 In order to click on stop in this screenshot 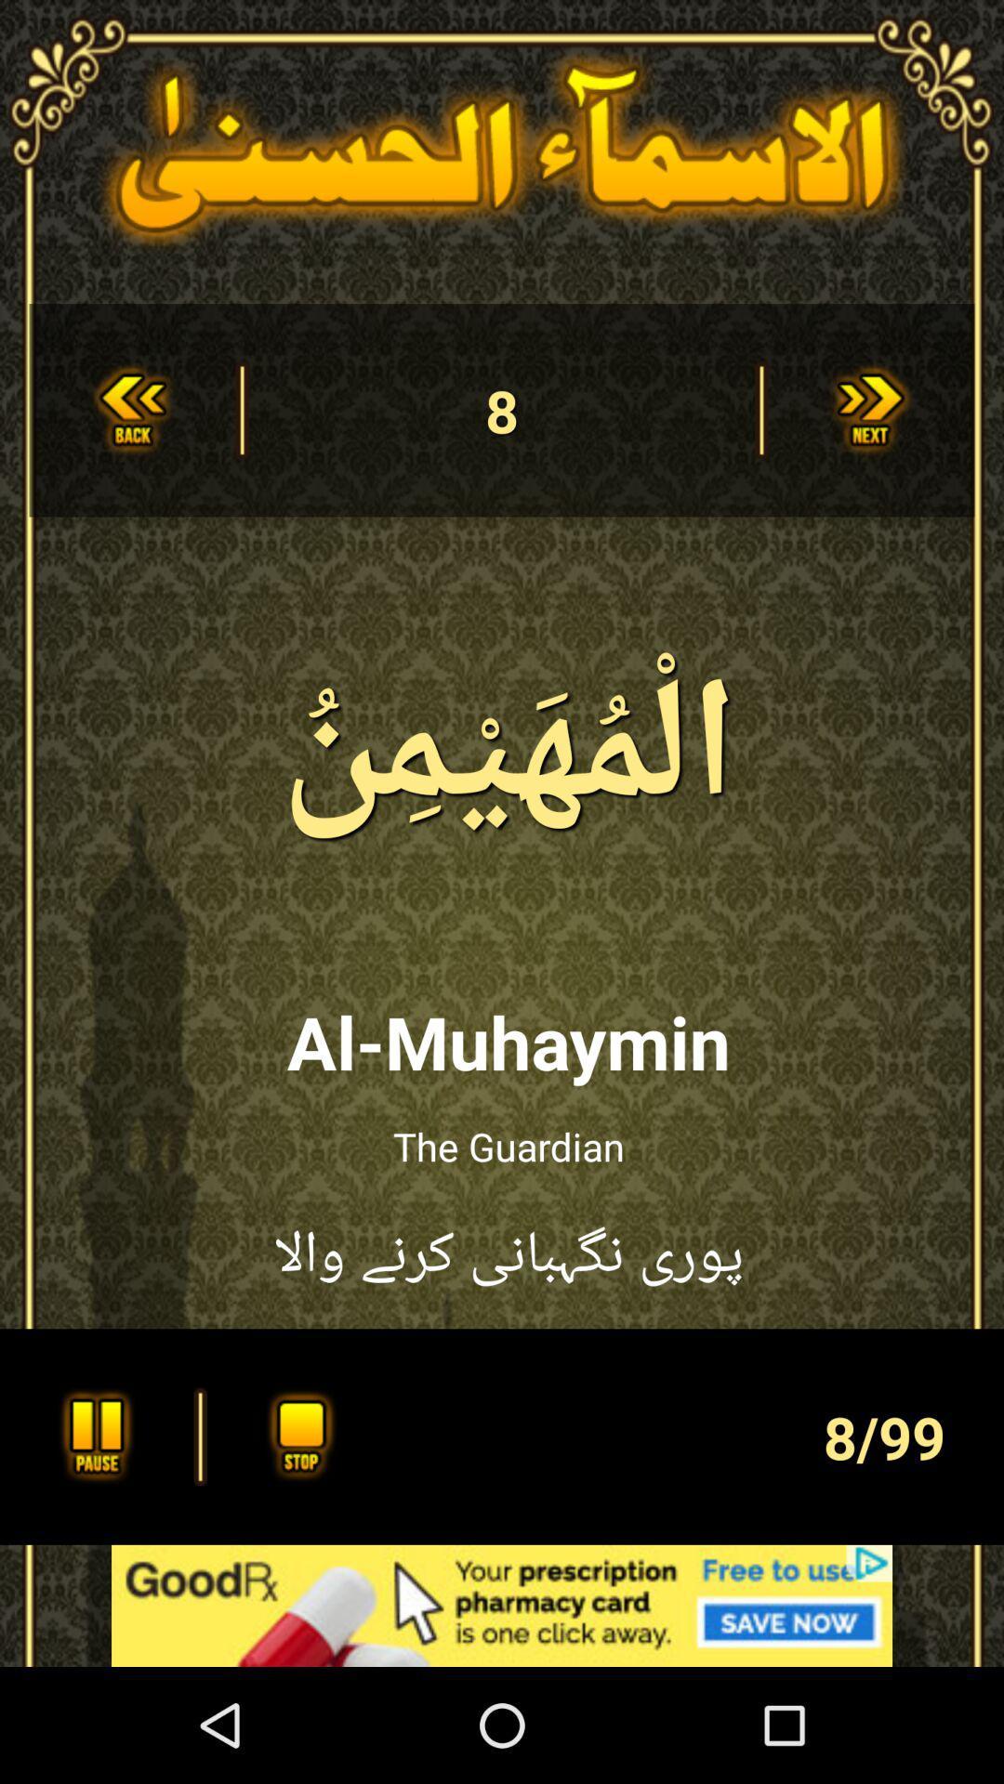, I will do `click(296, 1436)`.